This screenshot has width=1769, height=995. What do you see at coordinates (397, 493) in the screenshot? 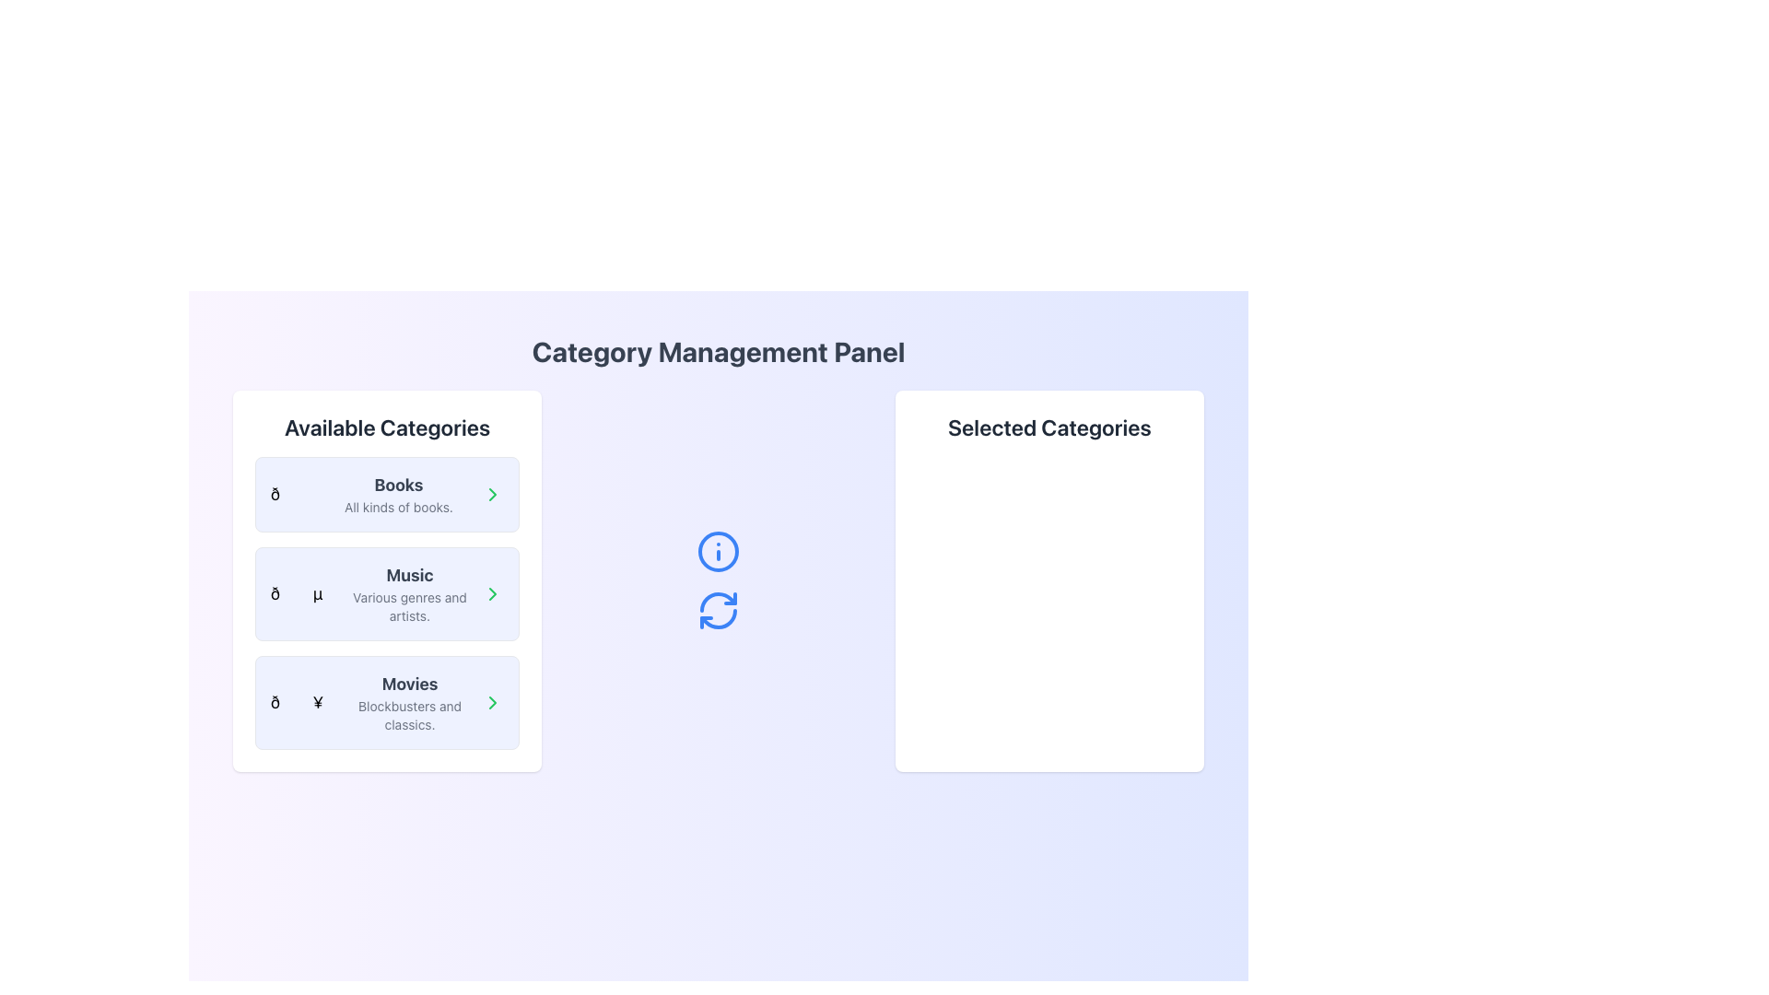
I see `the 'Books' text group within the first card of the 'Available Categories' section` at bounding box center [397, 493].